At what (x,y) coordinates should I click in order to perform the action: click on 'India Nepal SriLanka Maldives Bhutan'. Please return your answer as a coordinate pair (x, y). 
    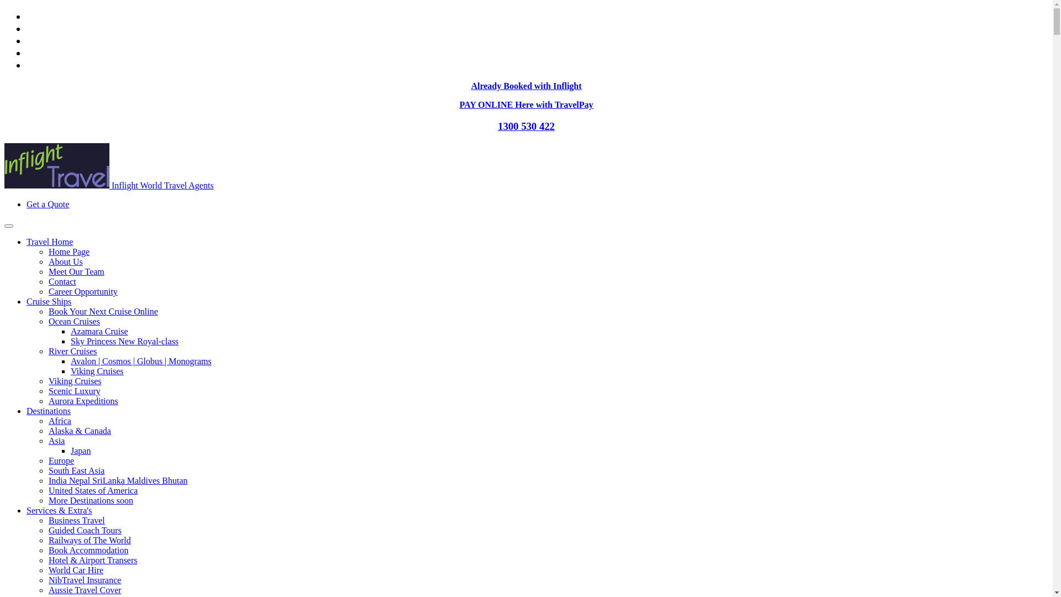
    Looking at the image, I should click on (118, 480).